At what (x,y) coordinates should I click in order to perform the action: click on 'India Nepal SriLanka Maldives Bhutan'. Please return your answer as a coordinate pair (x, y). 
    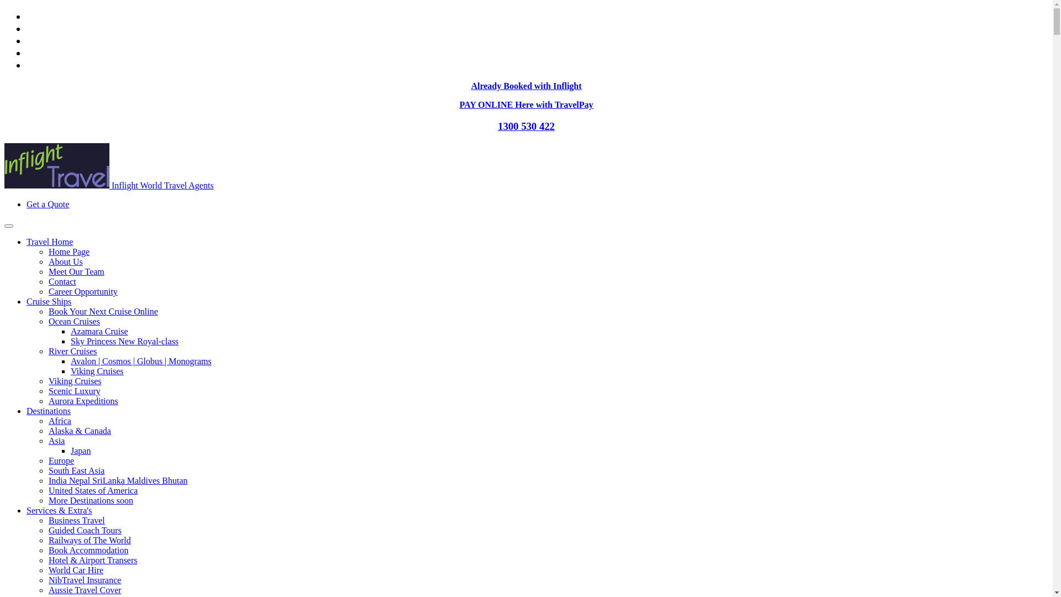
    Looking at the image, I should click on (118, 480).